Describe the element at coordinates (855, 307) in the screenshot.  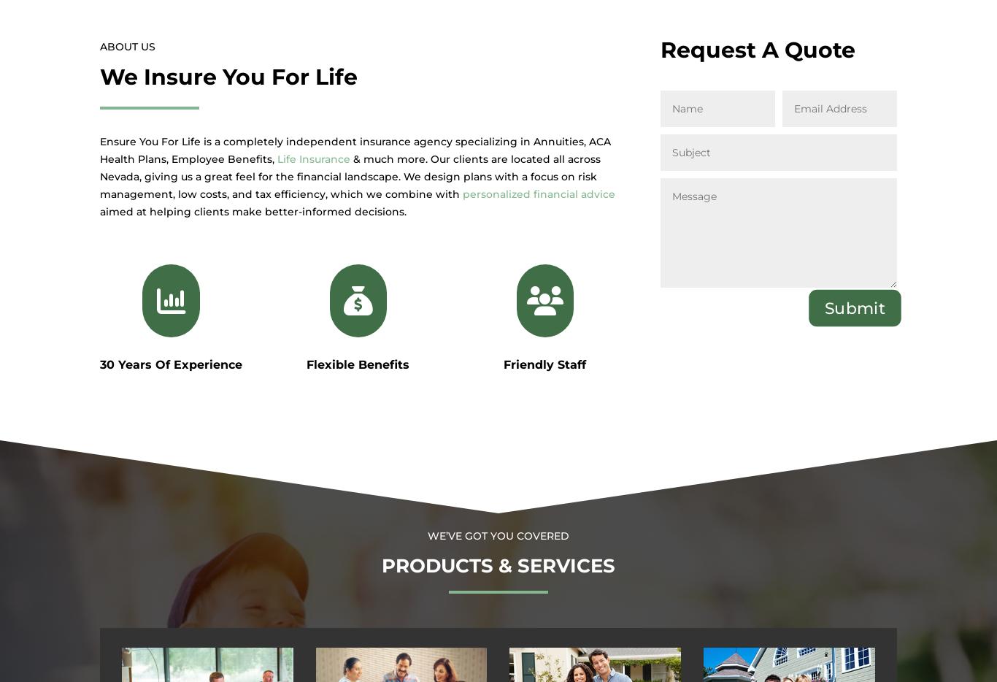
I see `'Submit'` at that location.